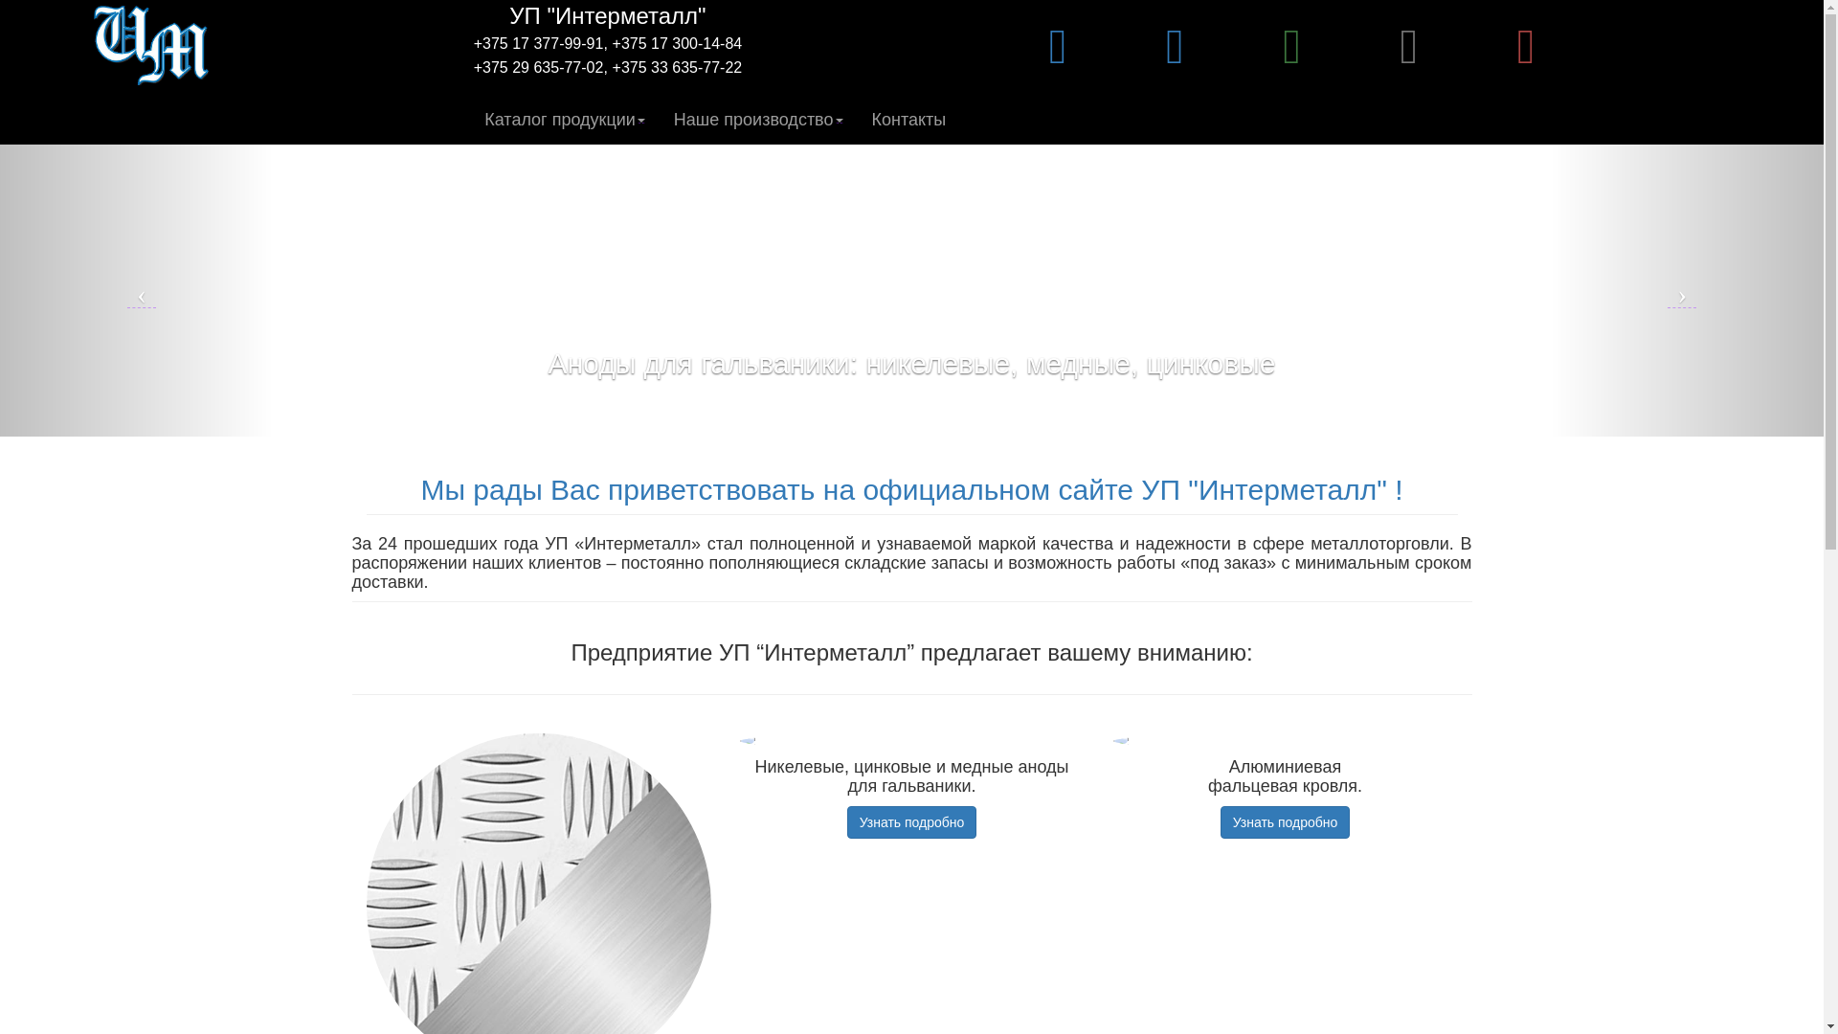  I want to click on '+375 29 635-77-02,', so click(540, 66).